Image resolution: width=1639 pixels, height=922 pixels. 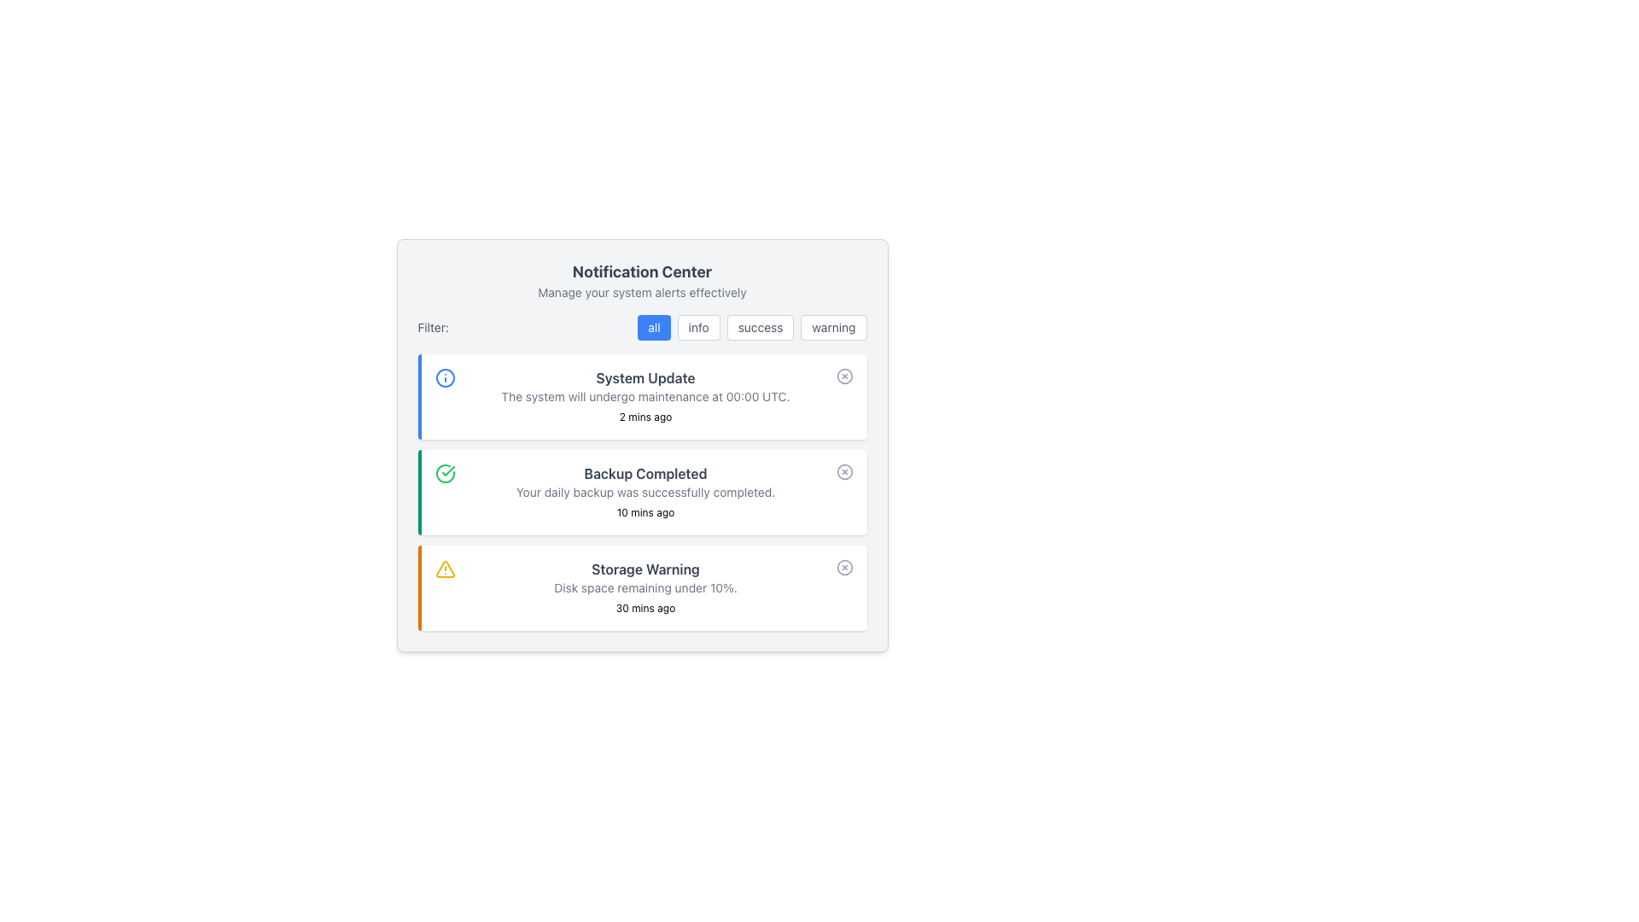 What do you see at coordinates (844, 567) in the screenshot?
I see `the Decorative SVG circle located to the far-right of the 'Storage Warning' alert in the notification center interface, which serves as a visual emphasis for error indication` at bounding box center [844, 567].